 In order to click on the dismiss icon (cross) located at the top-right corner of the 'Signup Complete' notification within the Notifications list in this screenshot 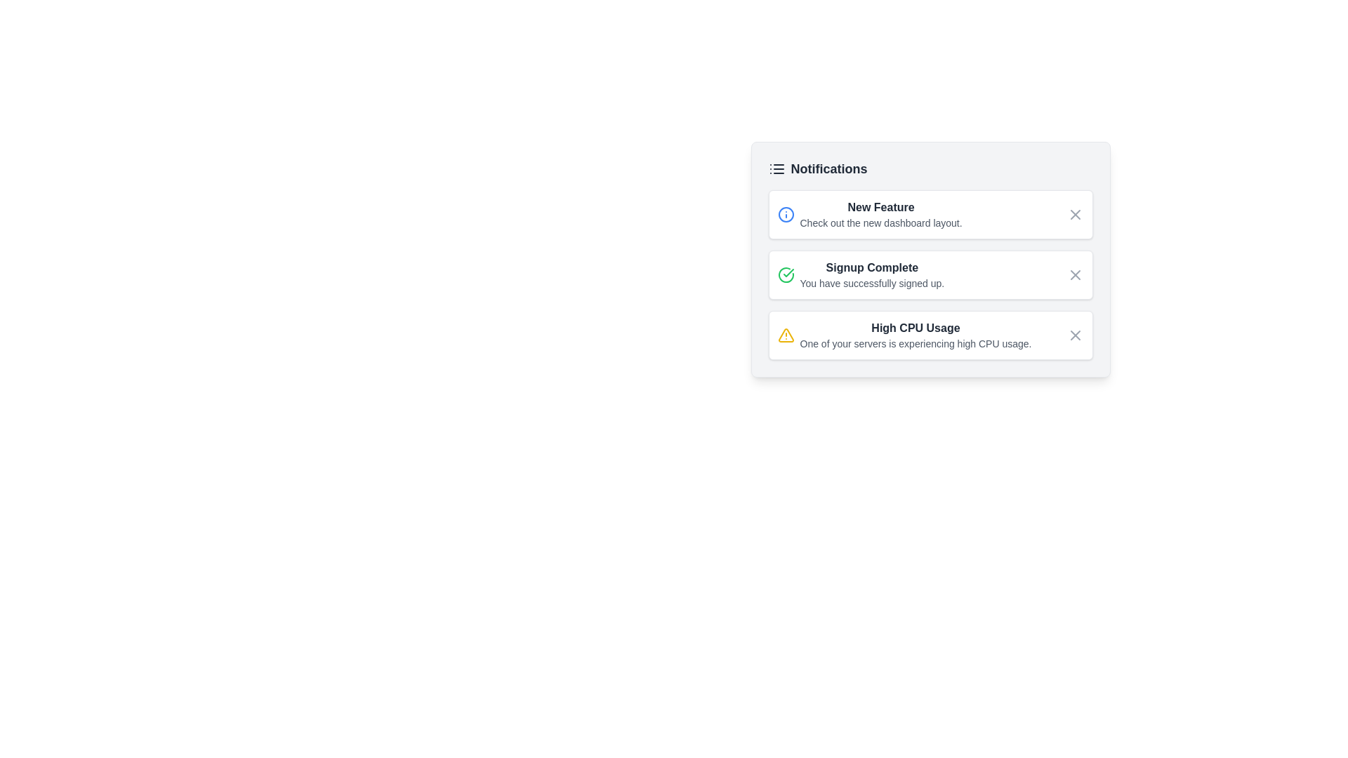, I will do `click(1074, 275)`.